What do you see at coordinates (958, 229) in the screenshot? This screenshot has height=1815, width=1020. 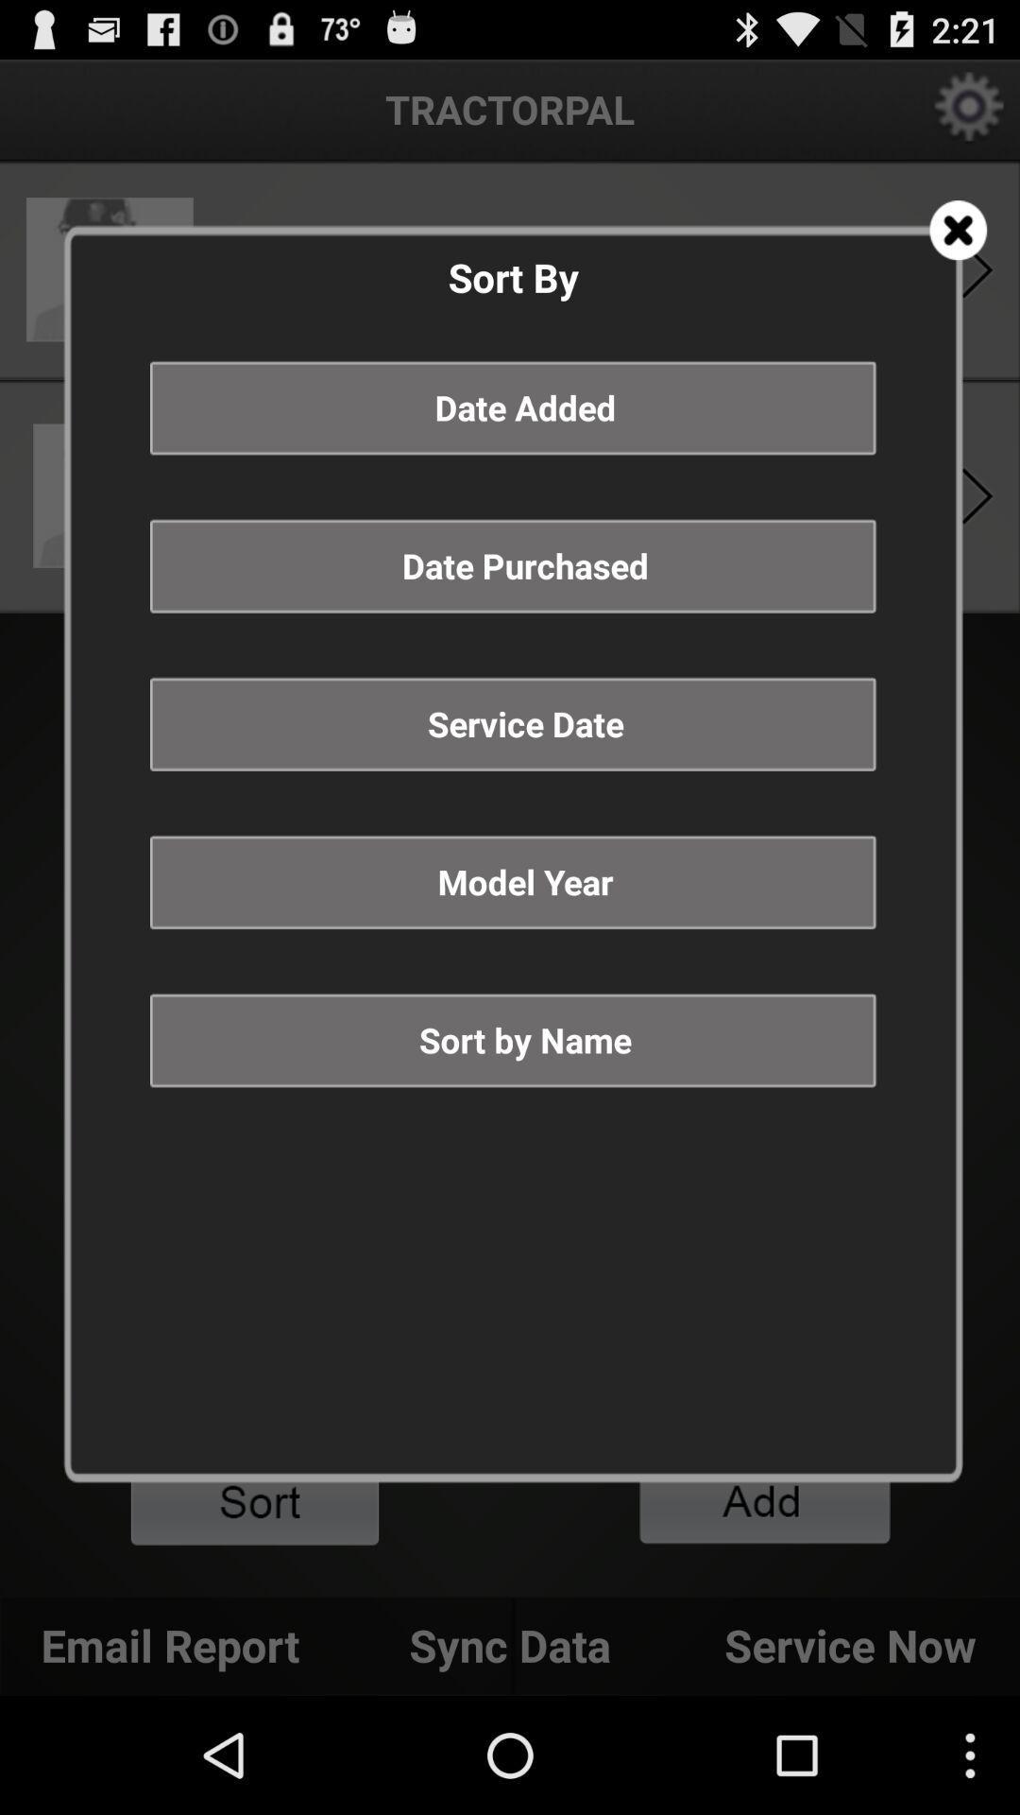 I see `icon at the top right corner` at bounding box center [958, 229].